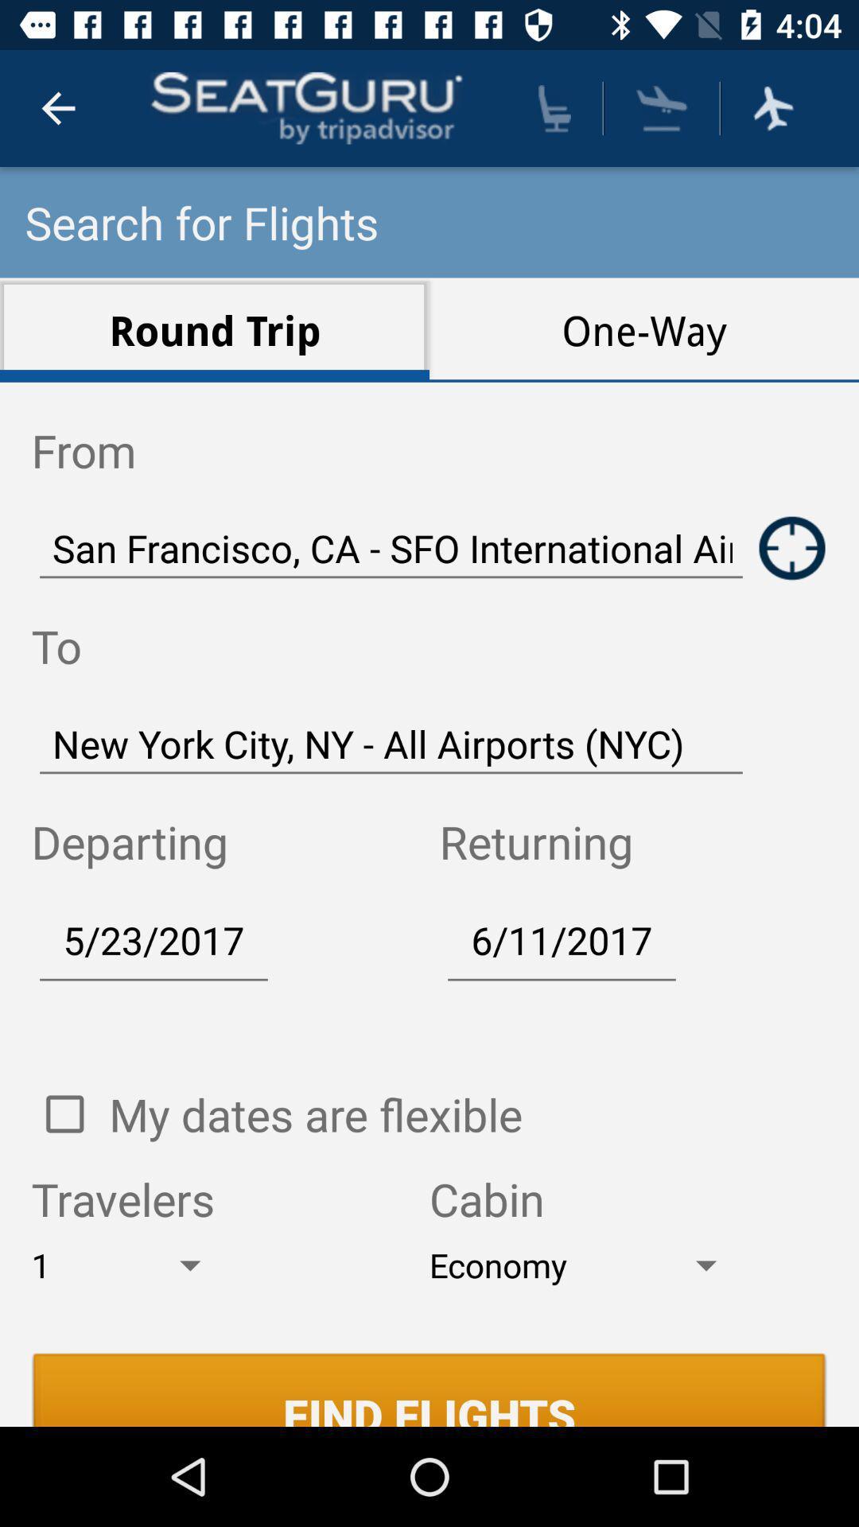 The image size is (859, 1527). Describe the element at coordinates (644, 329) in the screenshot. I see `the one-way` at that location.